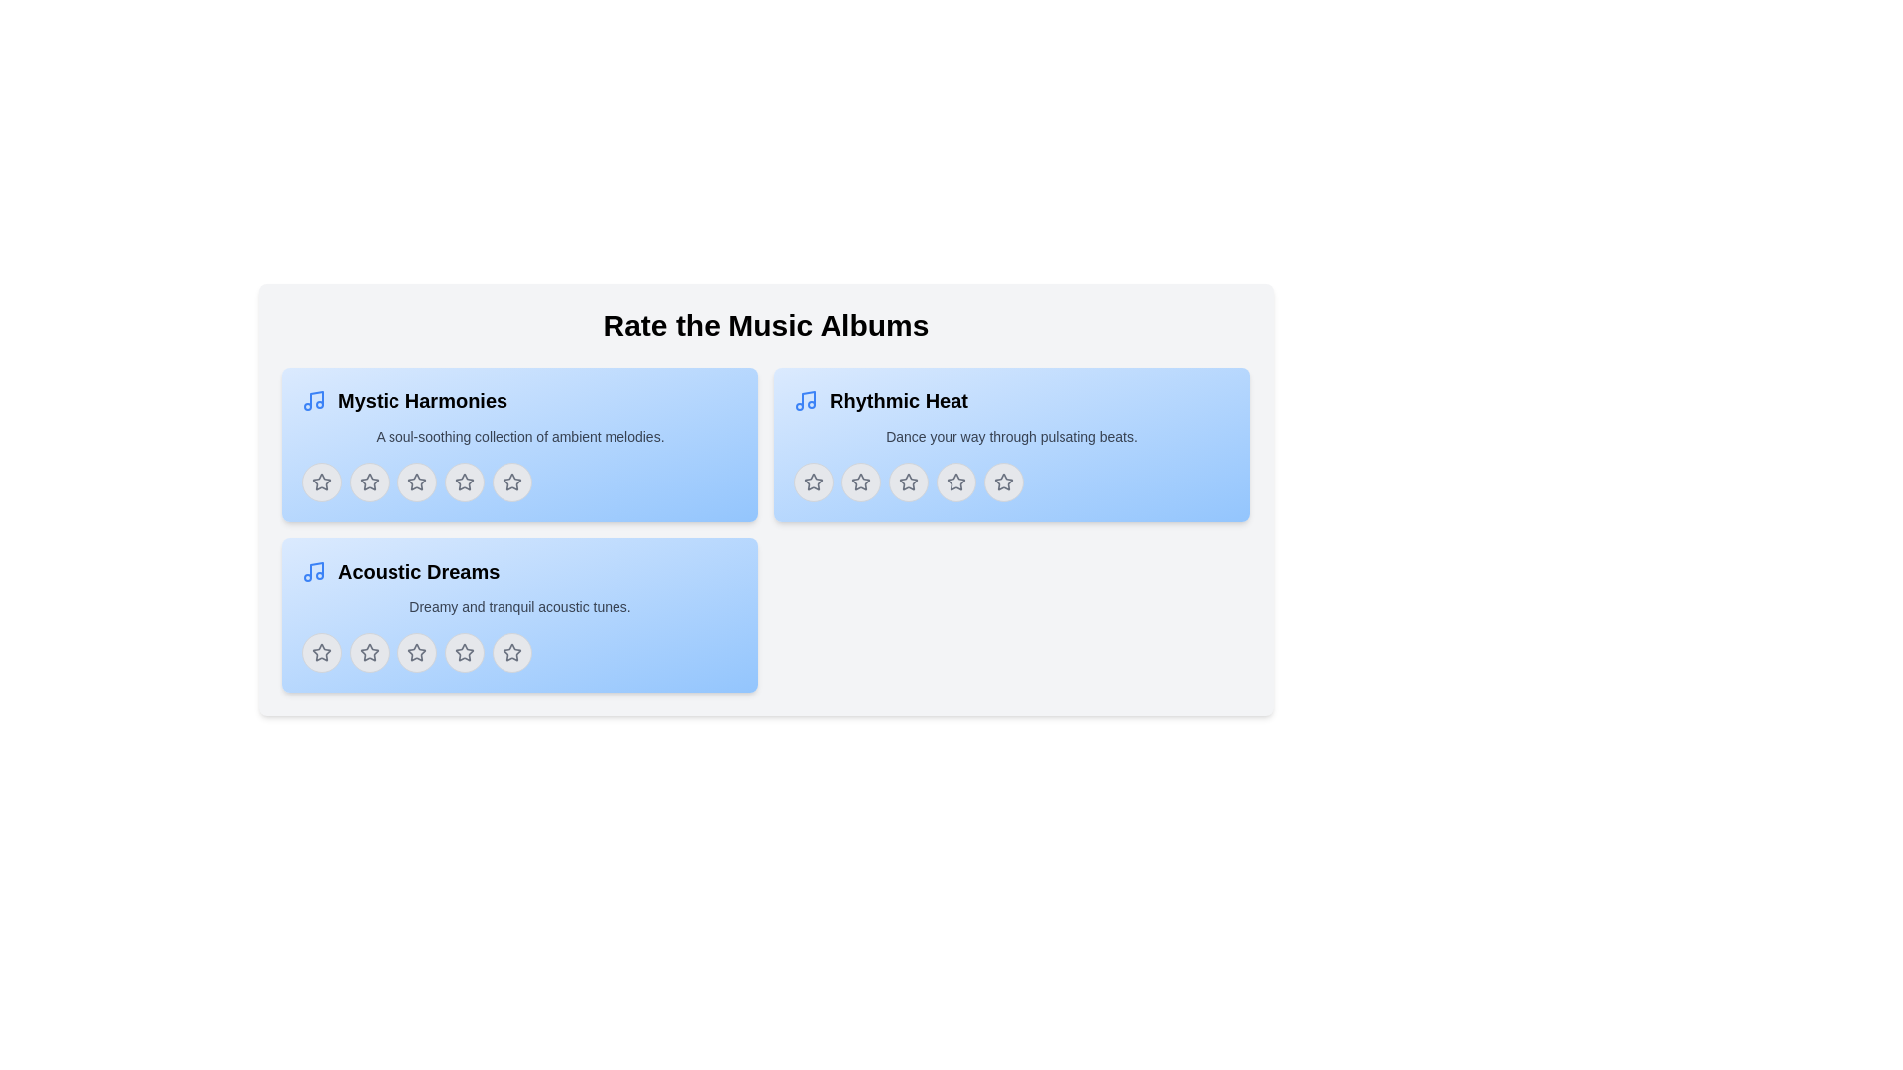 The image size is (1903, 1070). I want to click on the decorative icon representing the 'Acoustic Dreams' album, located at the top-left corner of the album card, adjacent to the album title, so click(312, 572).